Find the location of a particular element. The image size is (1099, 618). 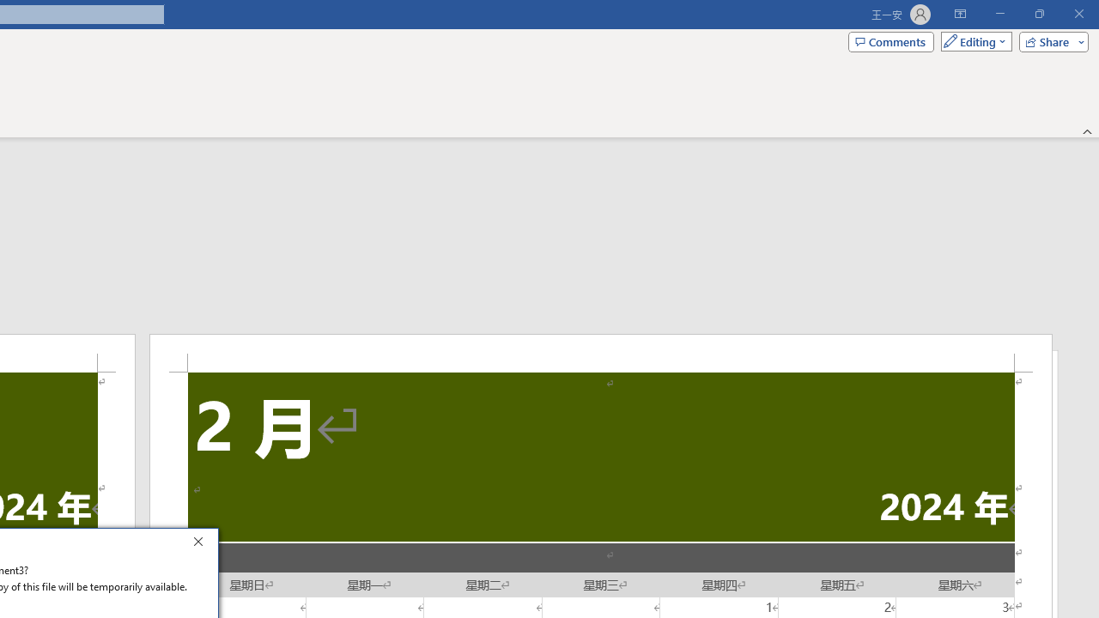

'Ribbon Display Options' is located at coordinates (959, 14).